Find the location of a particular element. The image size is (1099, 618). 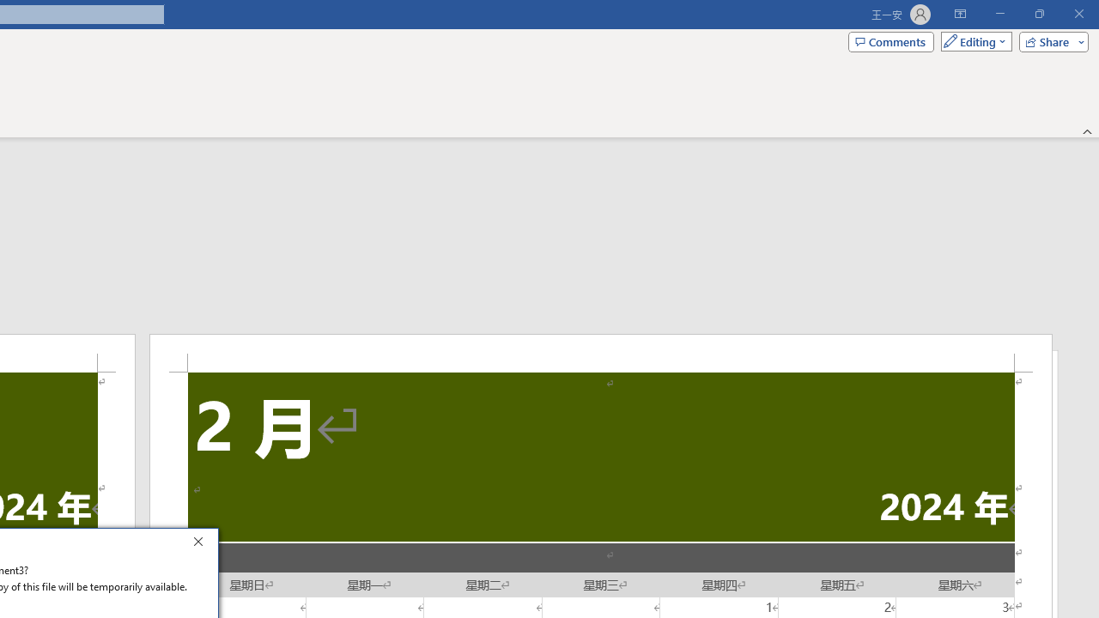

'Ribbon Display Options' is located at coordinates (959, 14).